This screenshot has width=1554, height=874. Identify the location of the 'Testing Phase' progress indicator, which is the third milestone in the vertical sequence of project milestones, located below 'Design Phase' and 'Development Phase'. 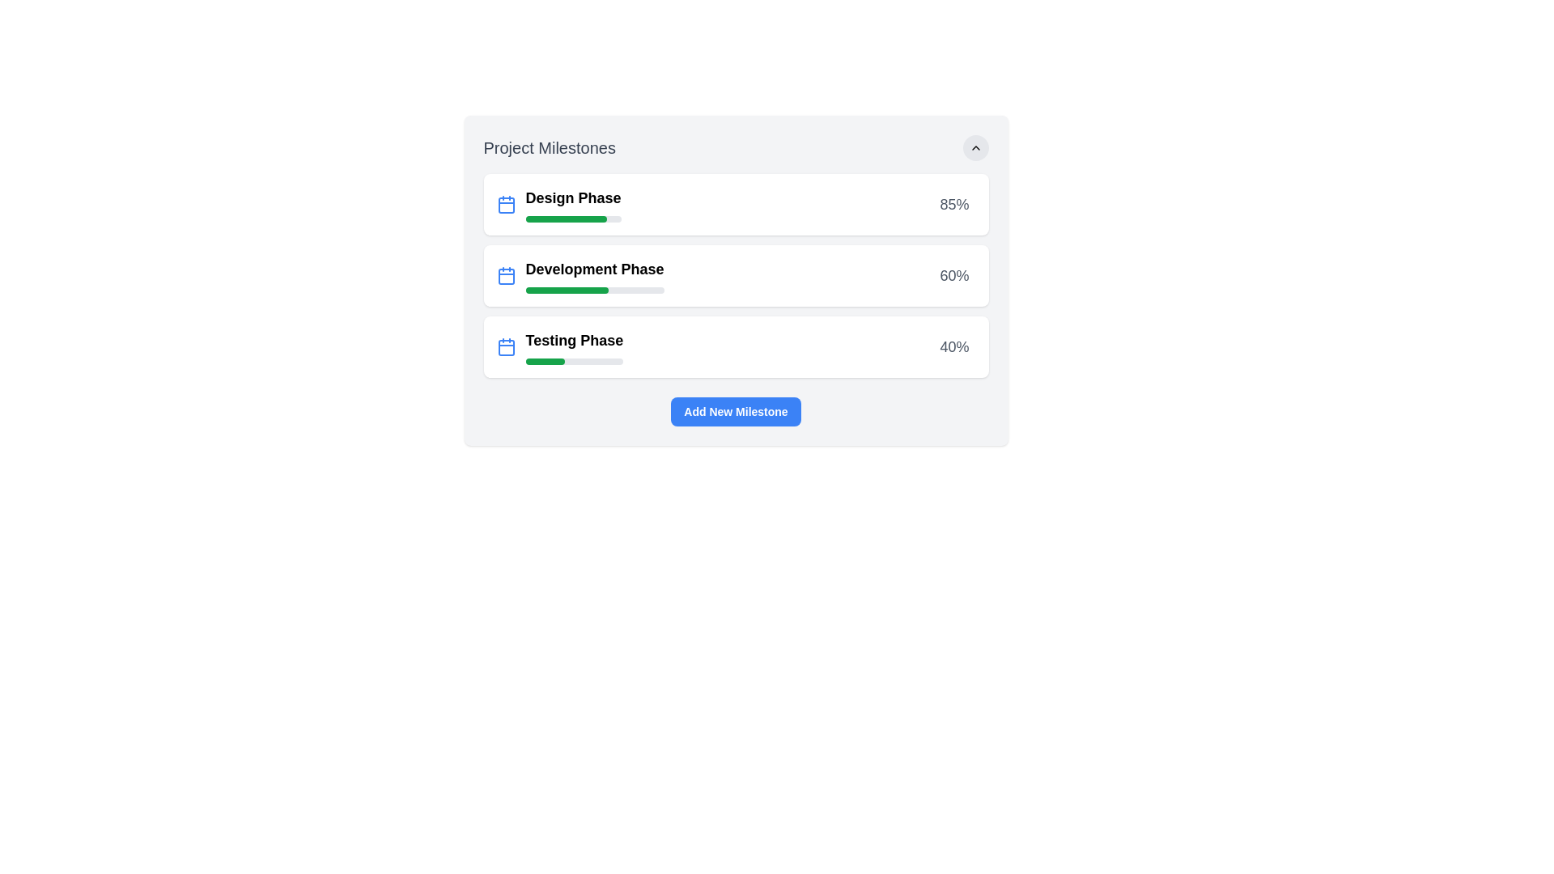
(574, 346).